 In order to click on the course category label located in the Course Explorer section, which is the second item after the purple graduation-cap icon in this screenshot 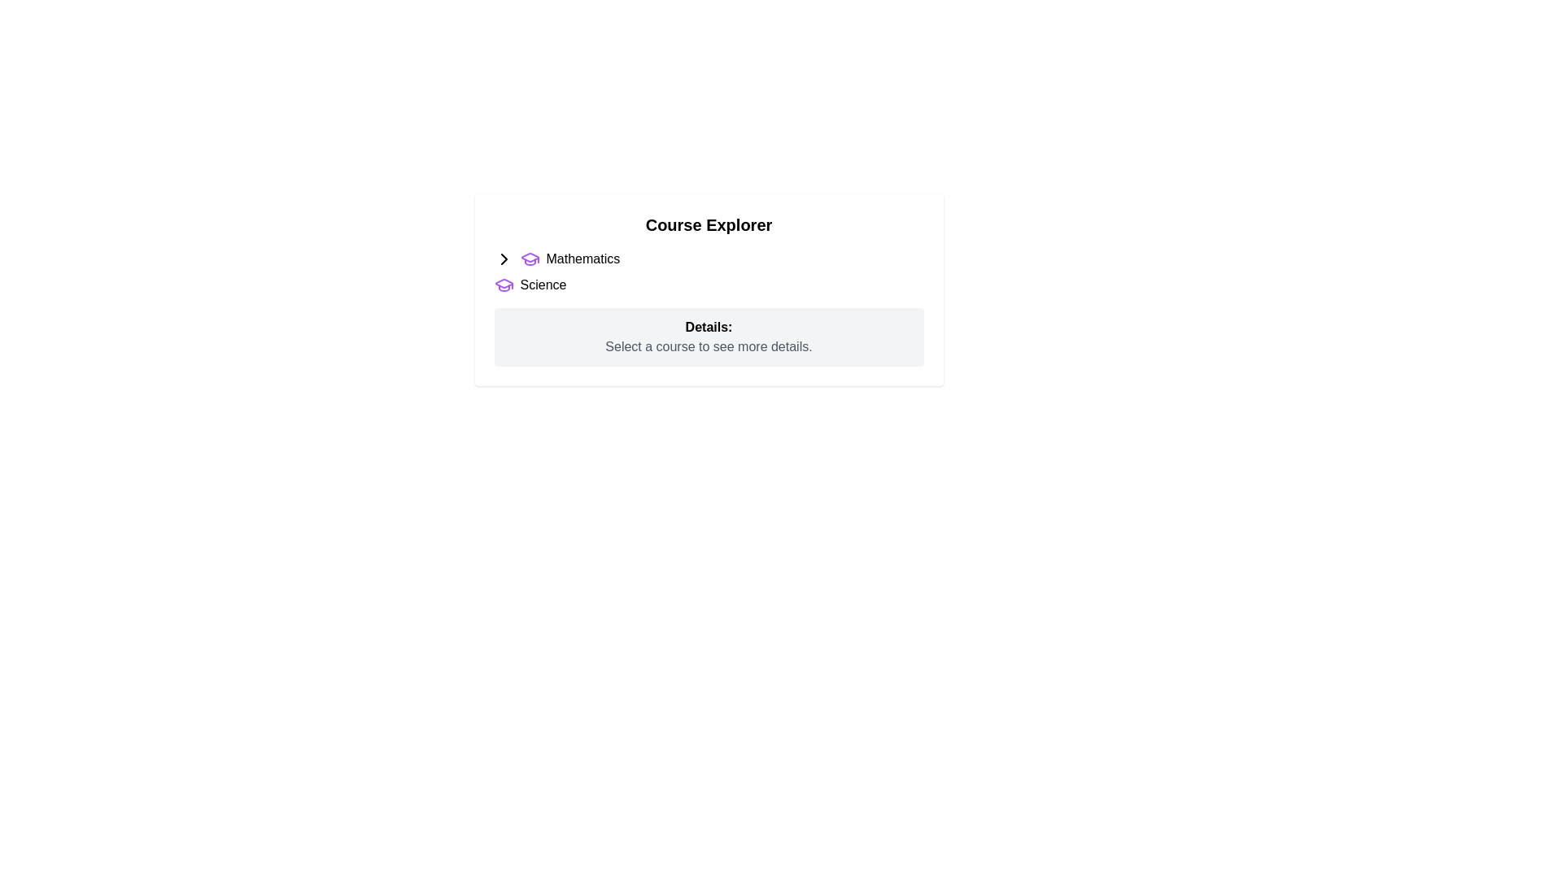, I will do `click(582, 259)`.